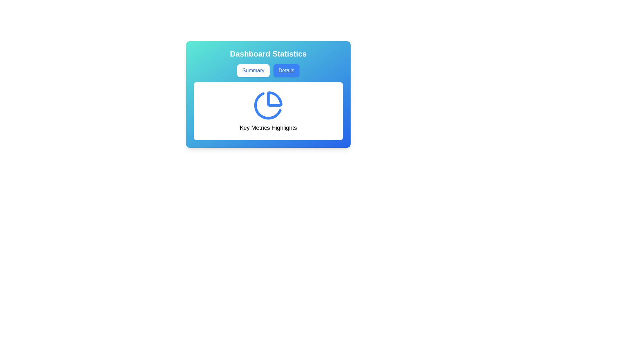  What do you see at coordinates (253, 70) in the screenshot?
I see `the button on the left side of the 'Dashboard Statistics' header` at bounding box center [253, 70].